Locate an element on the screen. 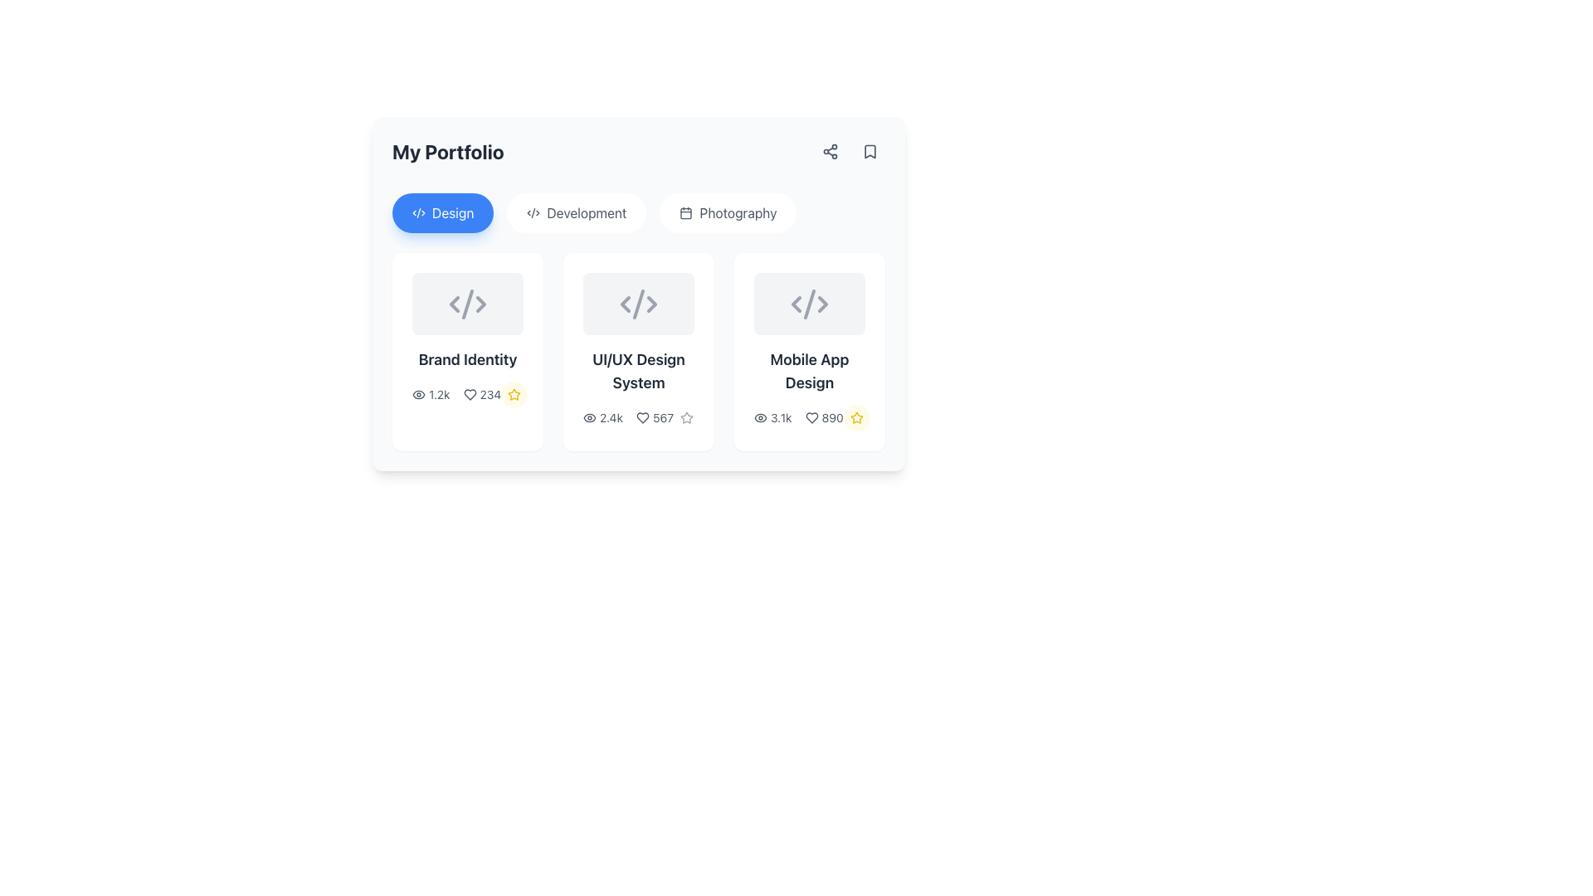  the SVG-based icon located at the top of the third card under 'My Portfolio' titled 'Mobile App Design' is located at coordinates (809, 304).